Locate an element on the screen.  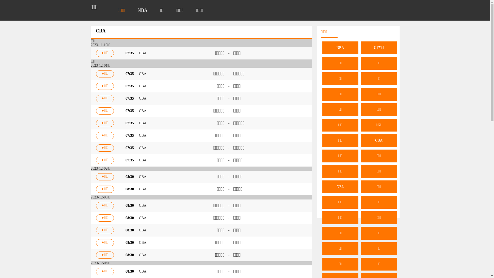
'NBL' is located at coordinates (322, 187).